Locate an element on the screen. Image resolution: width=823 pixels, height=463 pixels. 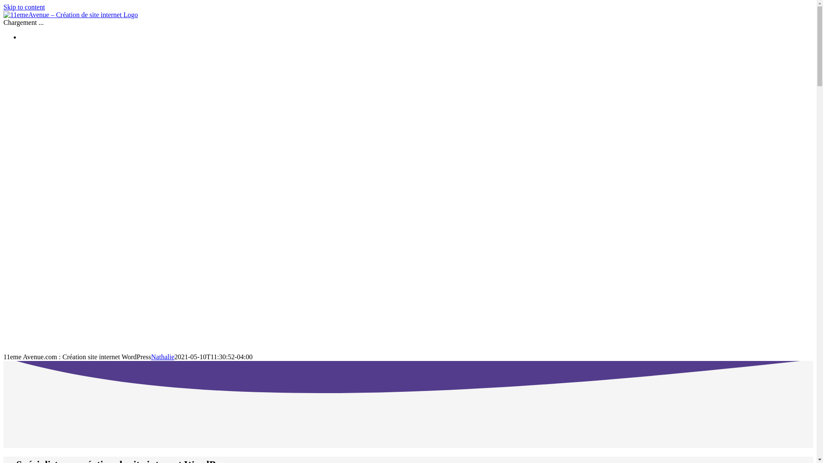
'Skip to content' is located at coordinates (24, 7).